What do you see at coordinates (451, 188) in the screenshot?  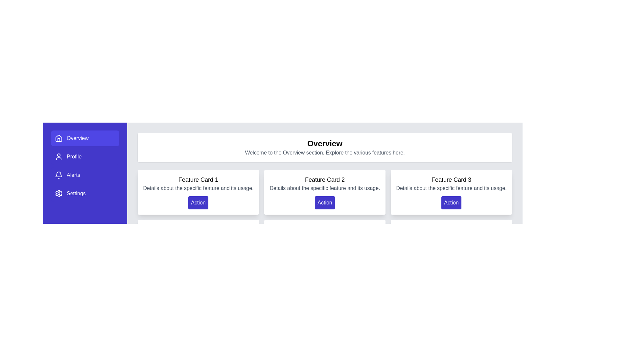 I see `the static text label that provides additional descriptive information within 'Feature Card 3', located centrally beneath the main title` at bounding box center [451, 188].